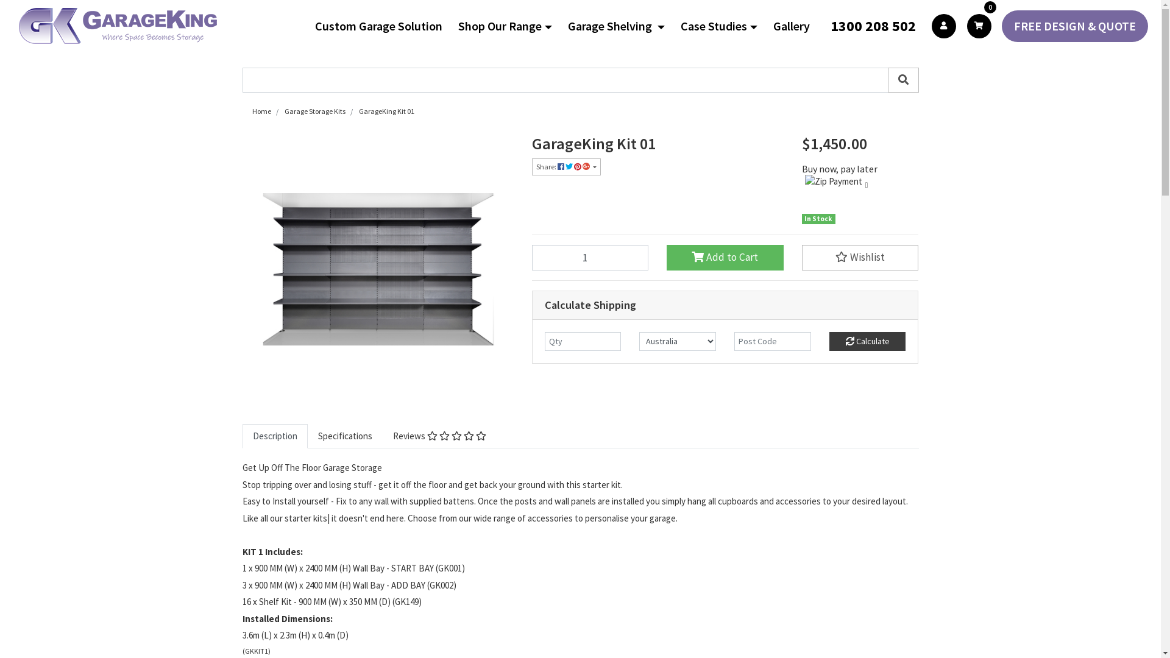 The image size is (1170, 658). Describe the element at coordinates (796, 26) in the screenshot. I see `'Gallery'` at that location.